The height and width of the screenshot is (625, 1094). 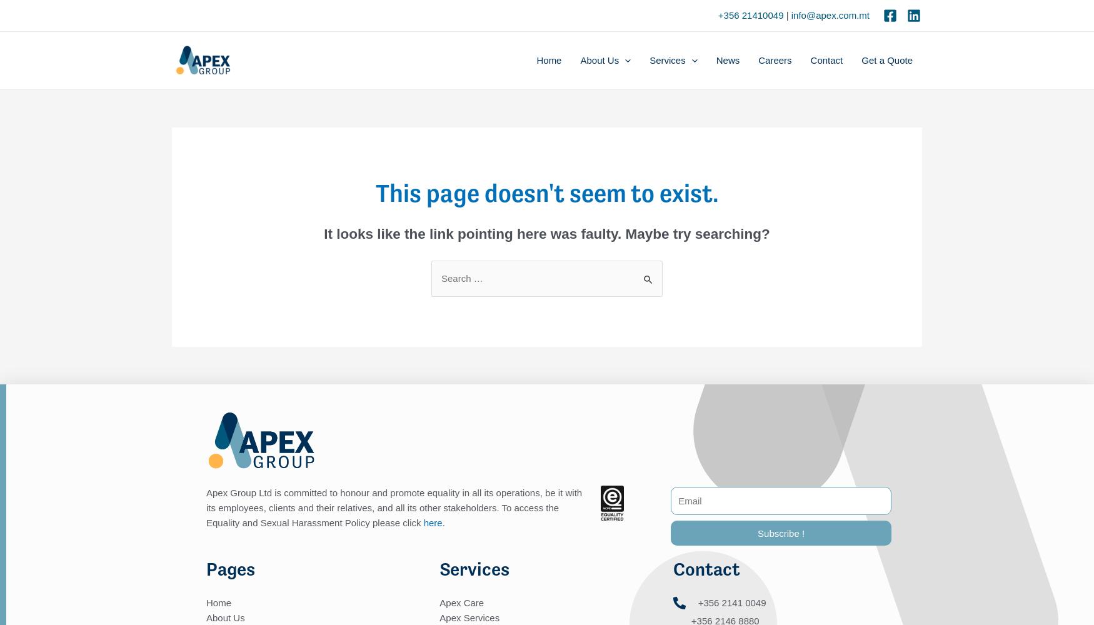 I want to click on 'It looks like the link pointing here was faulty. Maybe try searching?', so click(x=323, y=232).